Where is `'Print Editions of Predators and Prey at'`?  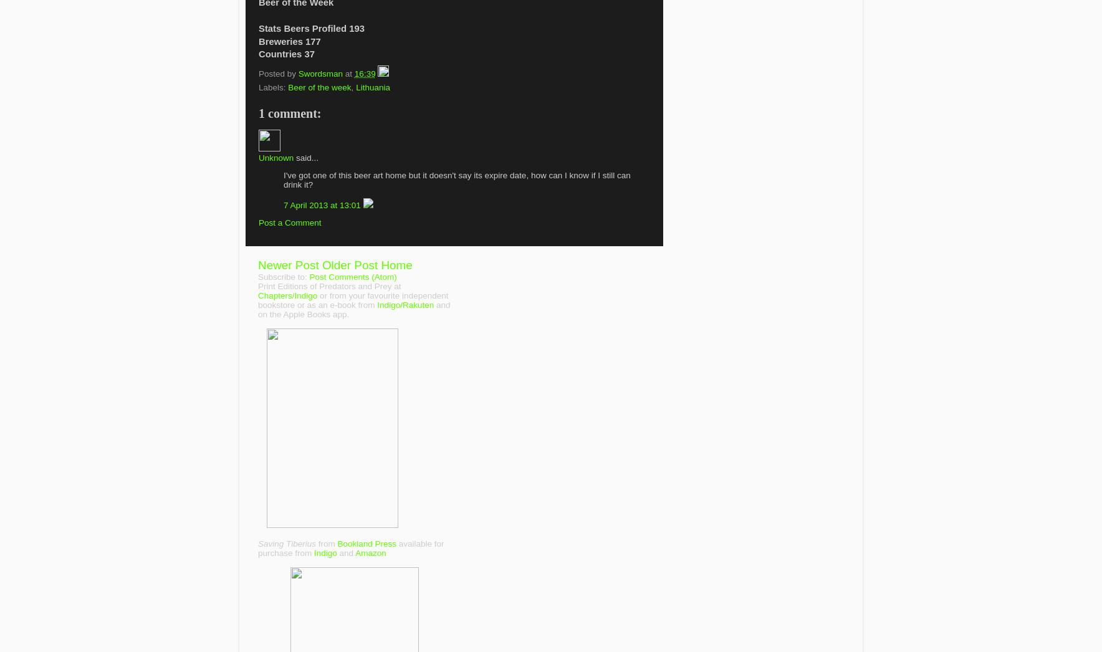 'Print Editions of Predators and Prey at' is located at coordinates (328, 285).